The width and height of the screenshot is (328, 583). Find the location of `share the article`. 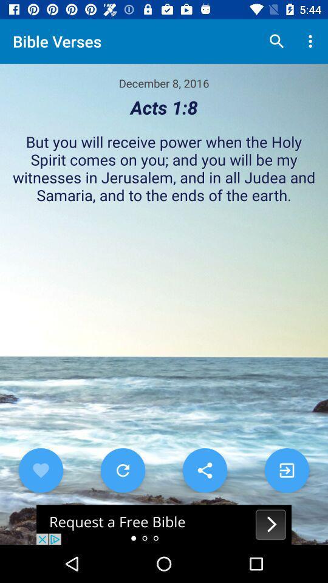

share the article is located at coordinates (164, 524).